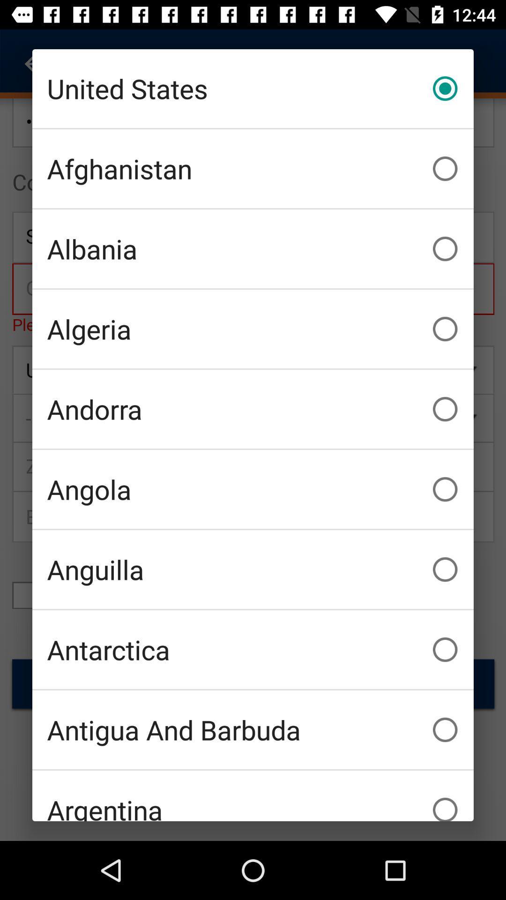 This screenshot has height=900, width=506. I want to click on afghanistan icon, so click(253, 169).